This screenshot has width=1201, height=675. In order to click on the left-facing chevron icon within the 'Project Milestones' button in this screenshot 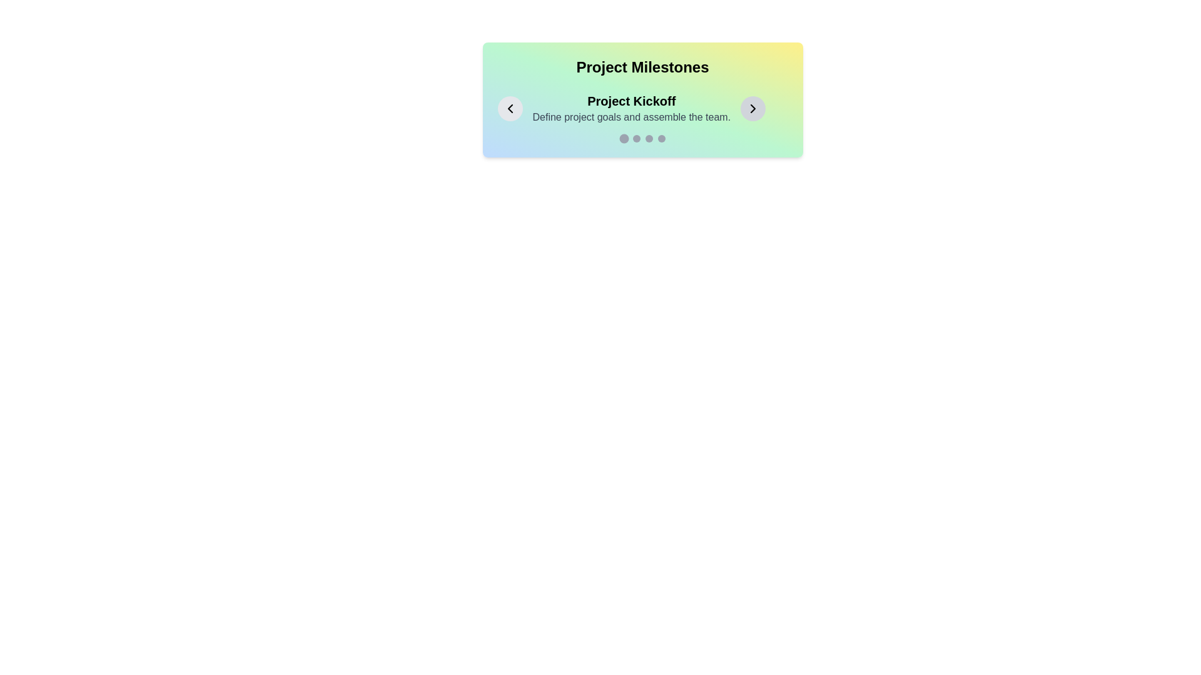, I will do `click(510, 107)`.